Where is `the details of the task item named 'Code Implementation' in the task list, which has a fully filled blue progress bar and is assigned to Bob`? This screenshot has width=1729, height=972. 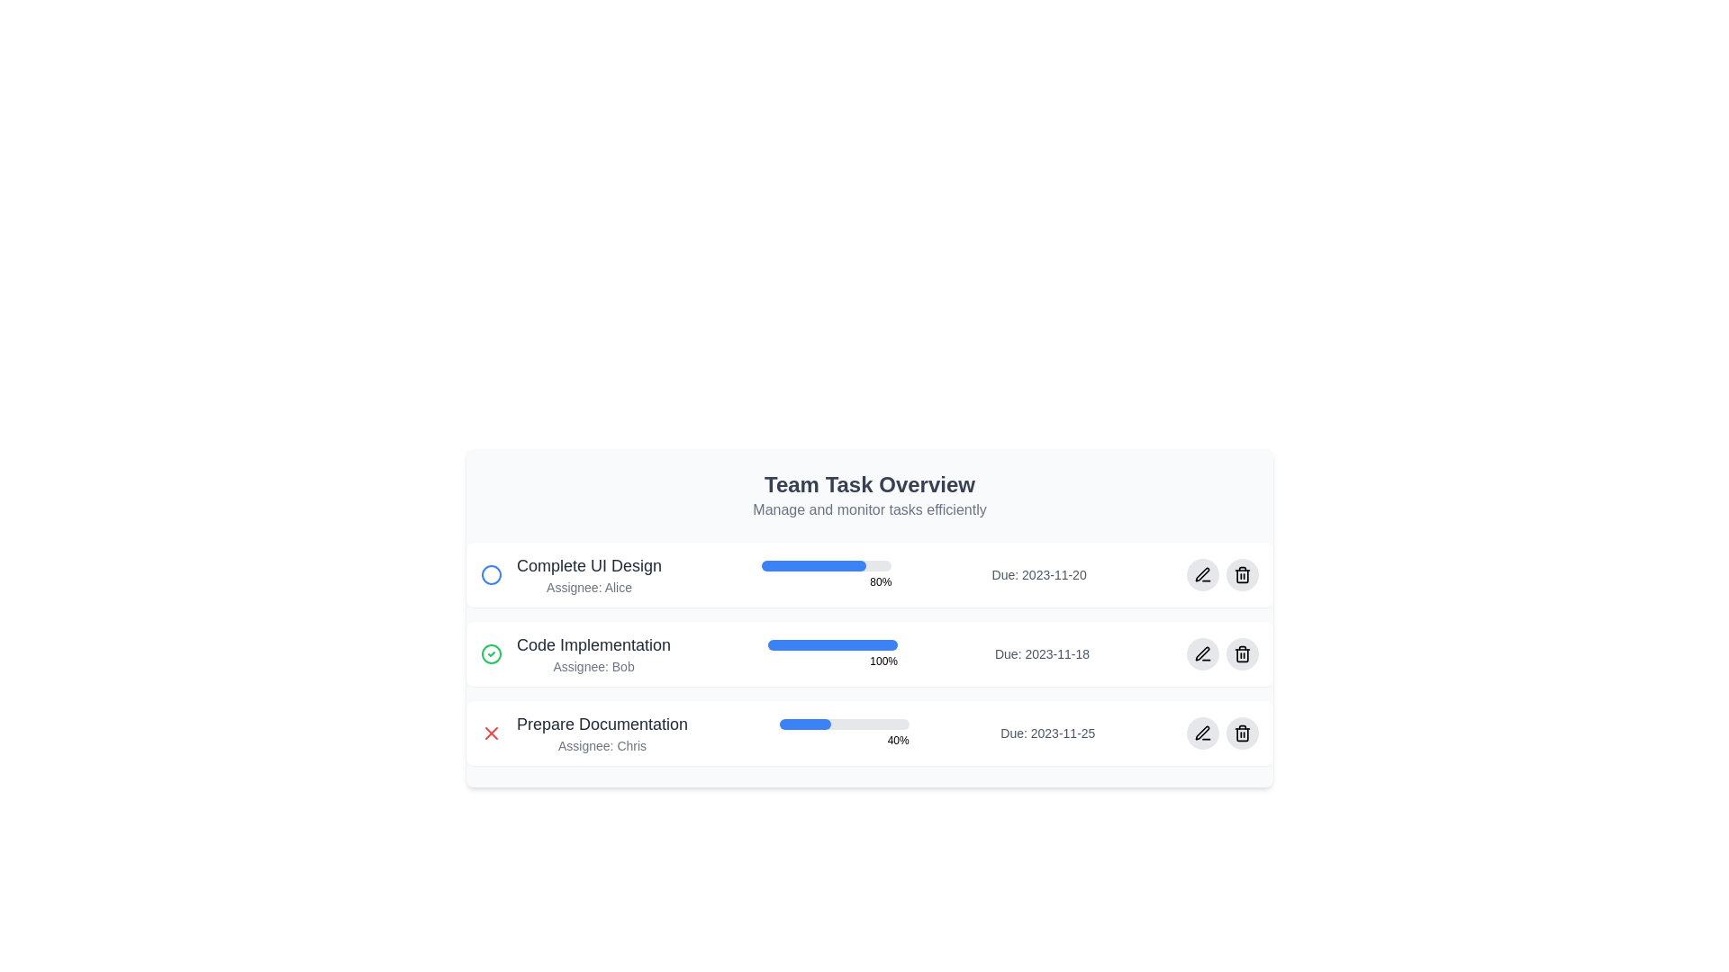 the details of the task item named 'Code Implementation' in the task list, which has a fully filled blue progress bar and is assigned to Bob is located at coordinates (869, 653).